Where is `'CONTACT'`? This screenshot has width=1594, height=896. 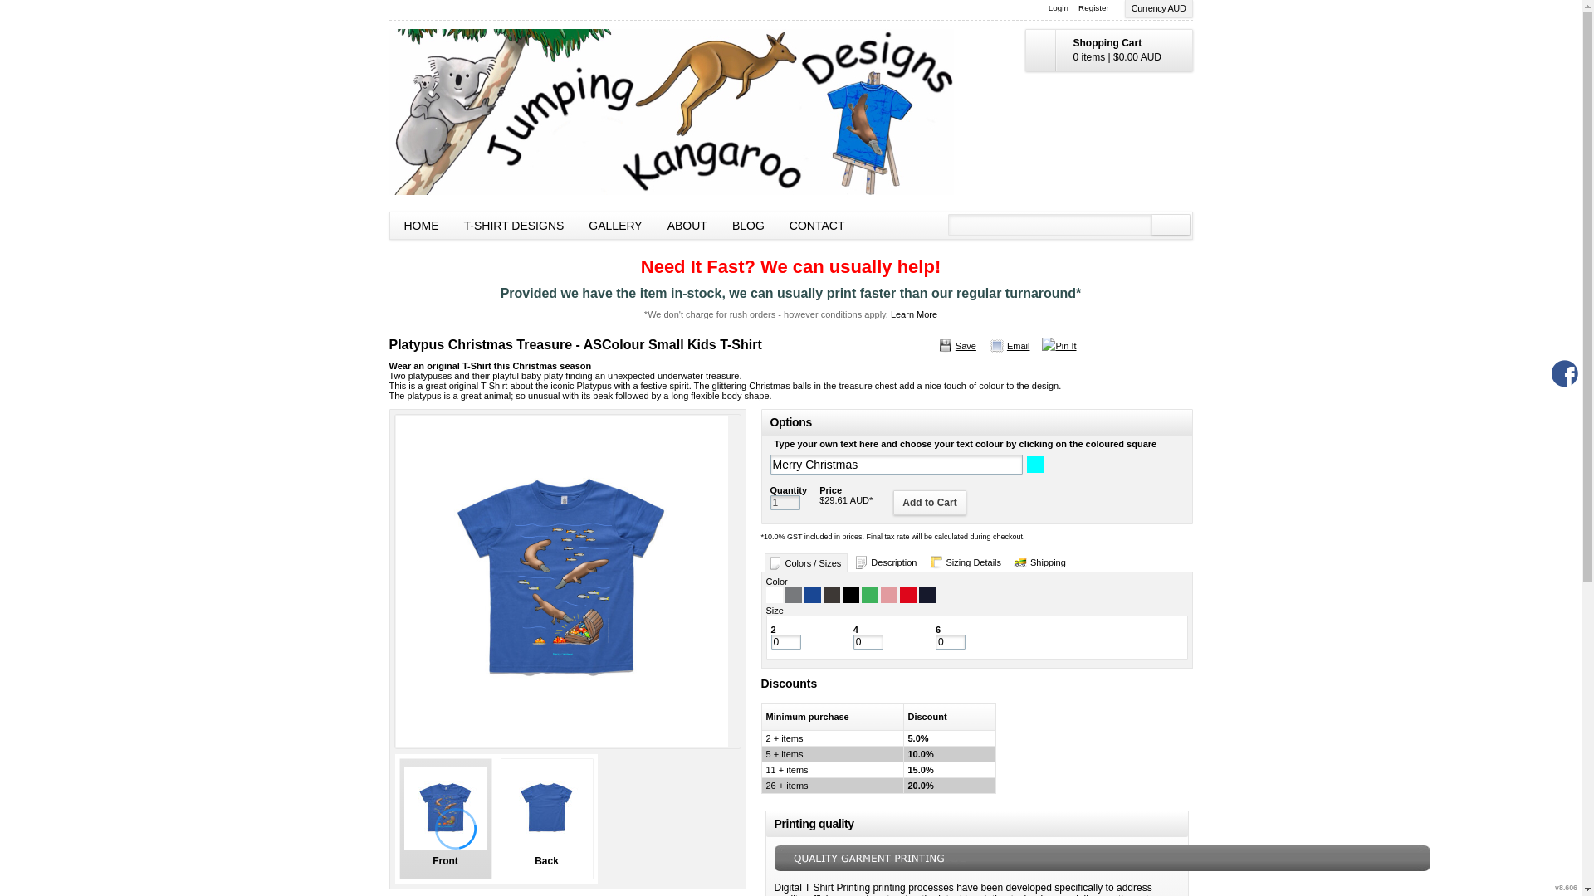
'CONTACT' is located at coordinates (817, 226).